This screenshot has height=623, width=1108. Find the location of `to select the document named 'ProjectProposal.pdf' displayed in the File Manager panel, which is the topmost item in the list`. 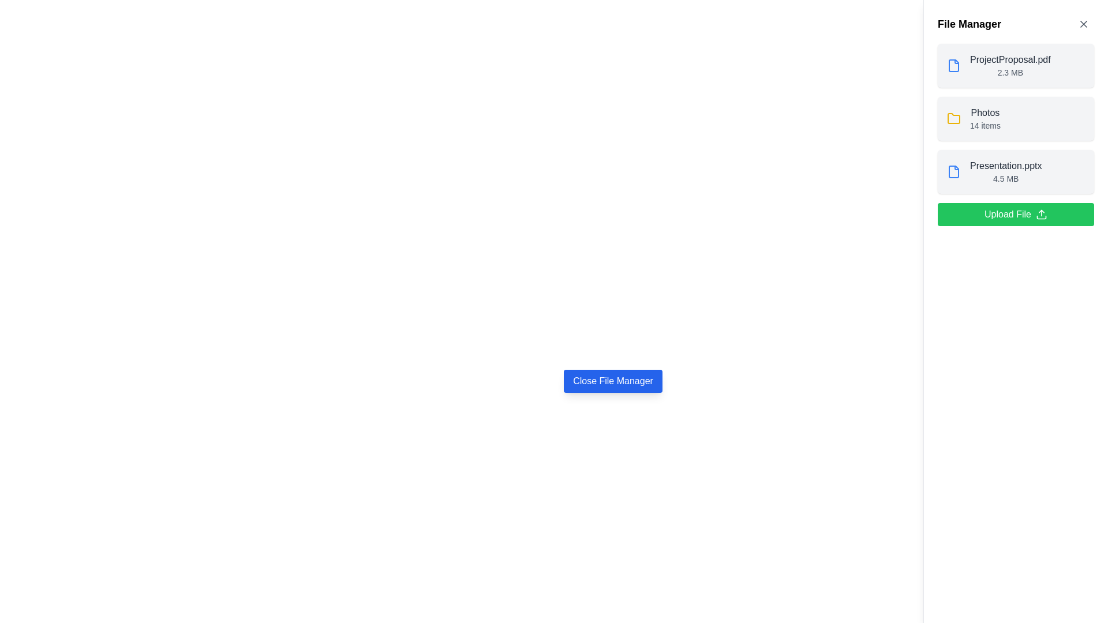

to select the document named 'ProjectProposal.pdf' displayed in the File Manager panel, which is the topmost item in the list is located at coordinates (997, 66).